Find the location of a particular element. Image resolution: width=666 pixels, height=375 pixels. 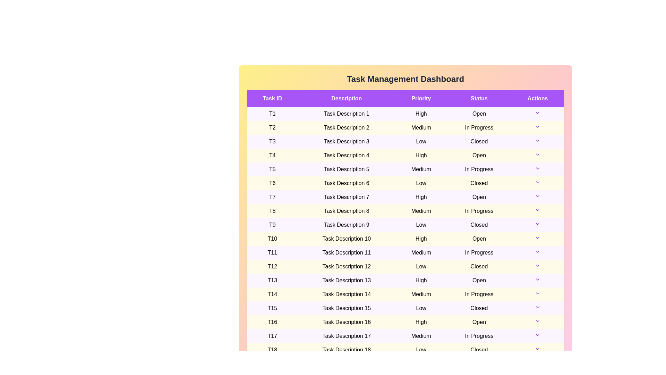

the table header Actions to sort the table by that column is located at coordinates (537, 99).